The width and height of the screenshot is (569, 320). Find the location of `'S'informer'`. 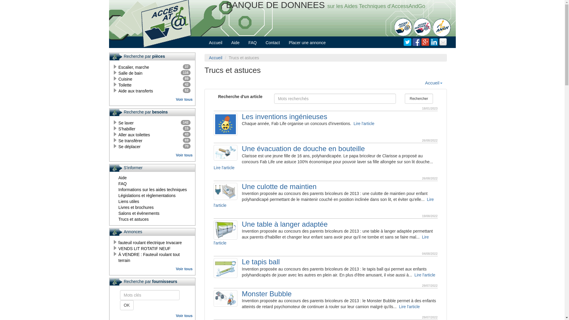

'S'informer' is located at coordinates (152, 168).